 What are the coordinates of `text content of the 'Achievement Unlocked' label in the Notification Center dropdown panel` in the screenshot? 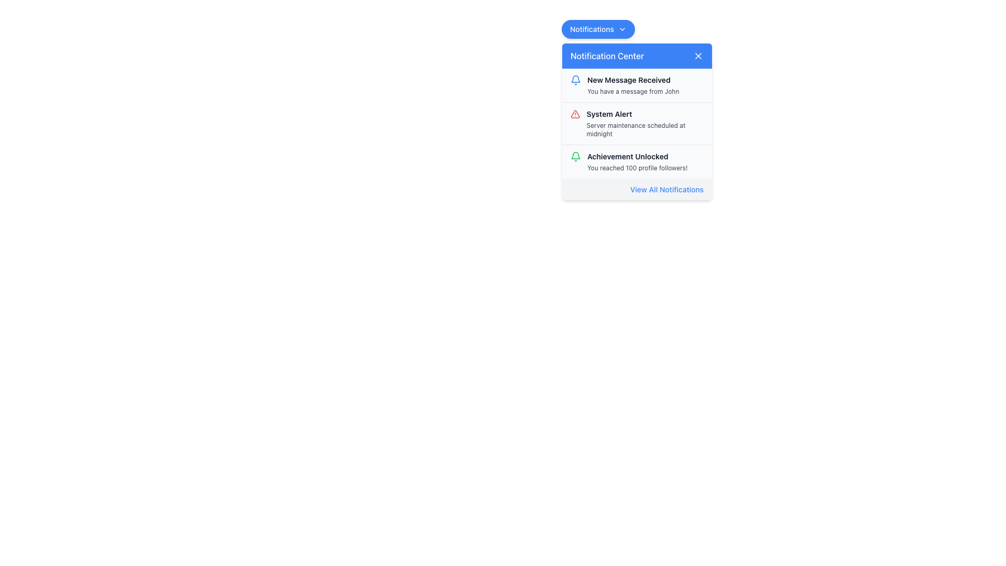 It's located at (637, 157).